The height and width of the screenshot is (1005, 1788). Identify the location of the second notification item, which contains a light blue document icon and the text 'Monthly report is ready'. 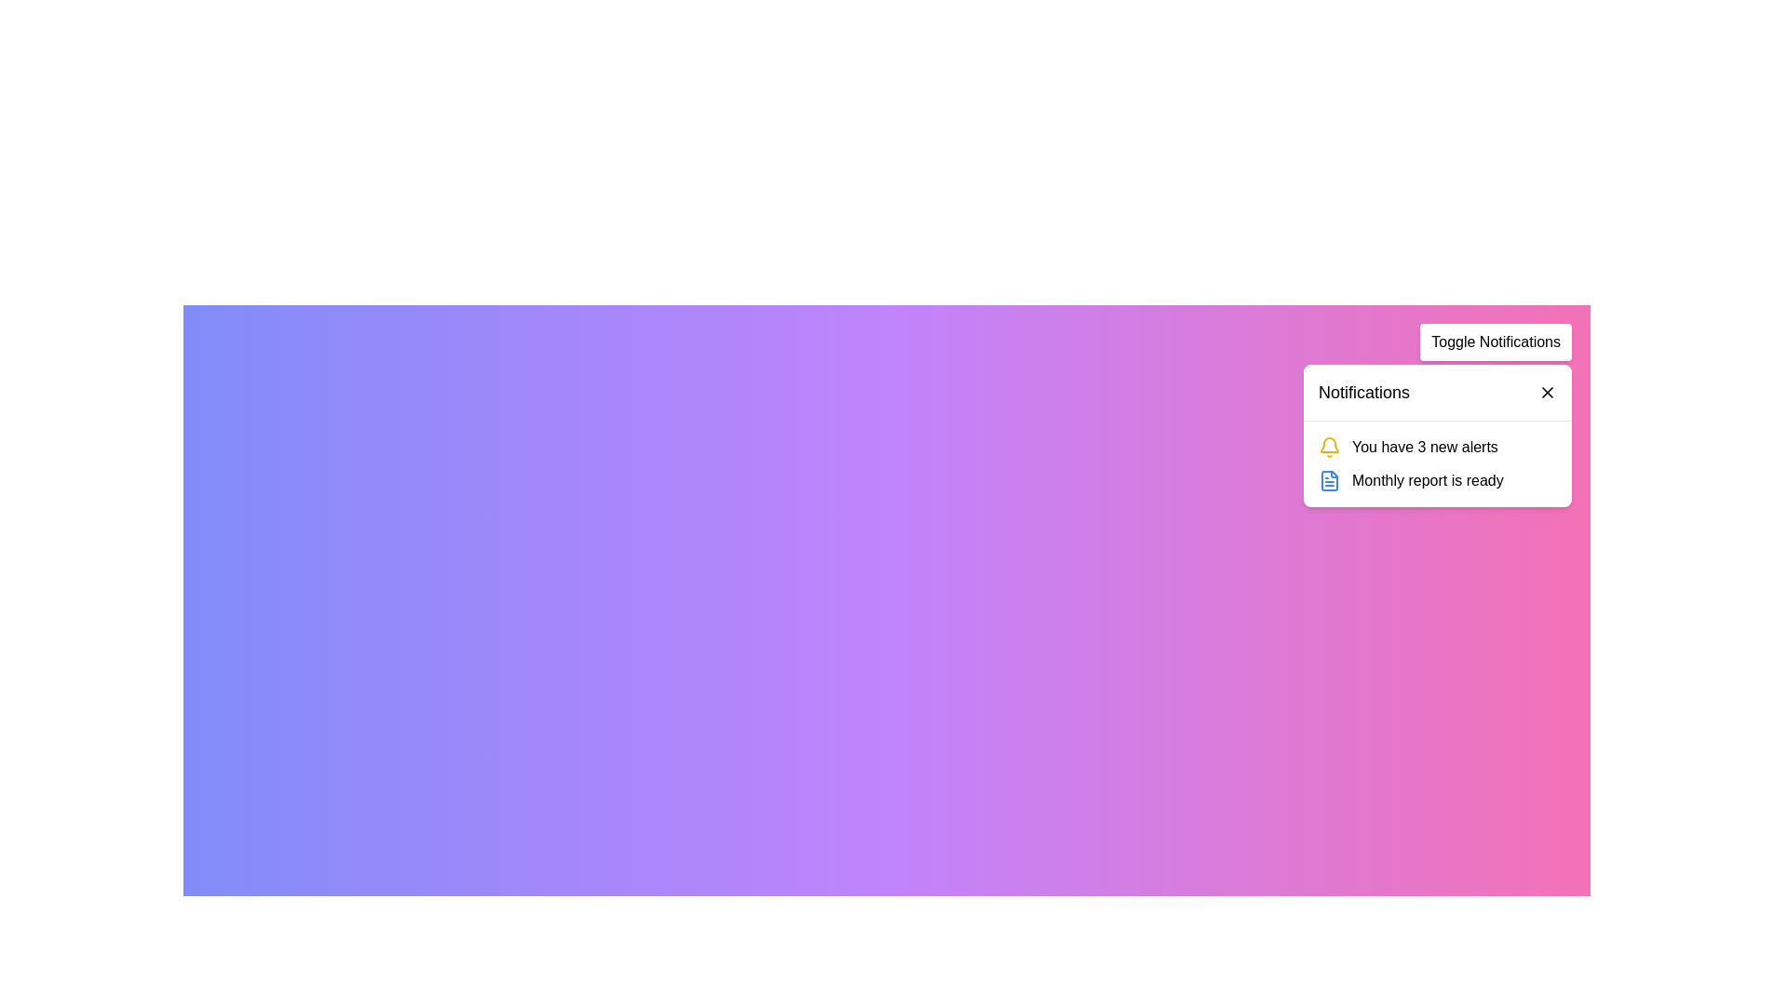
(1437, 479).